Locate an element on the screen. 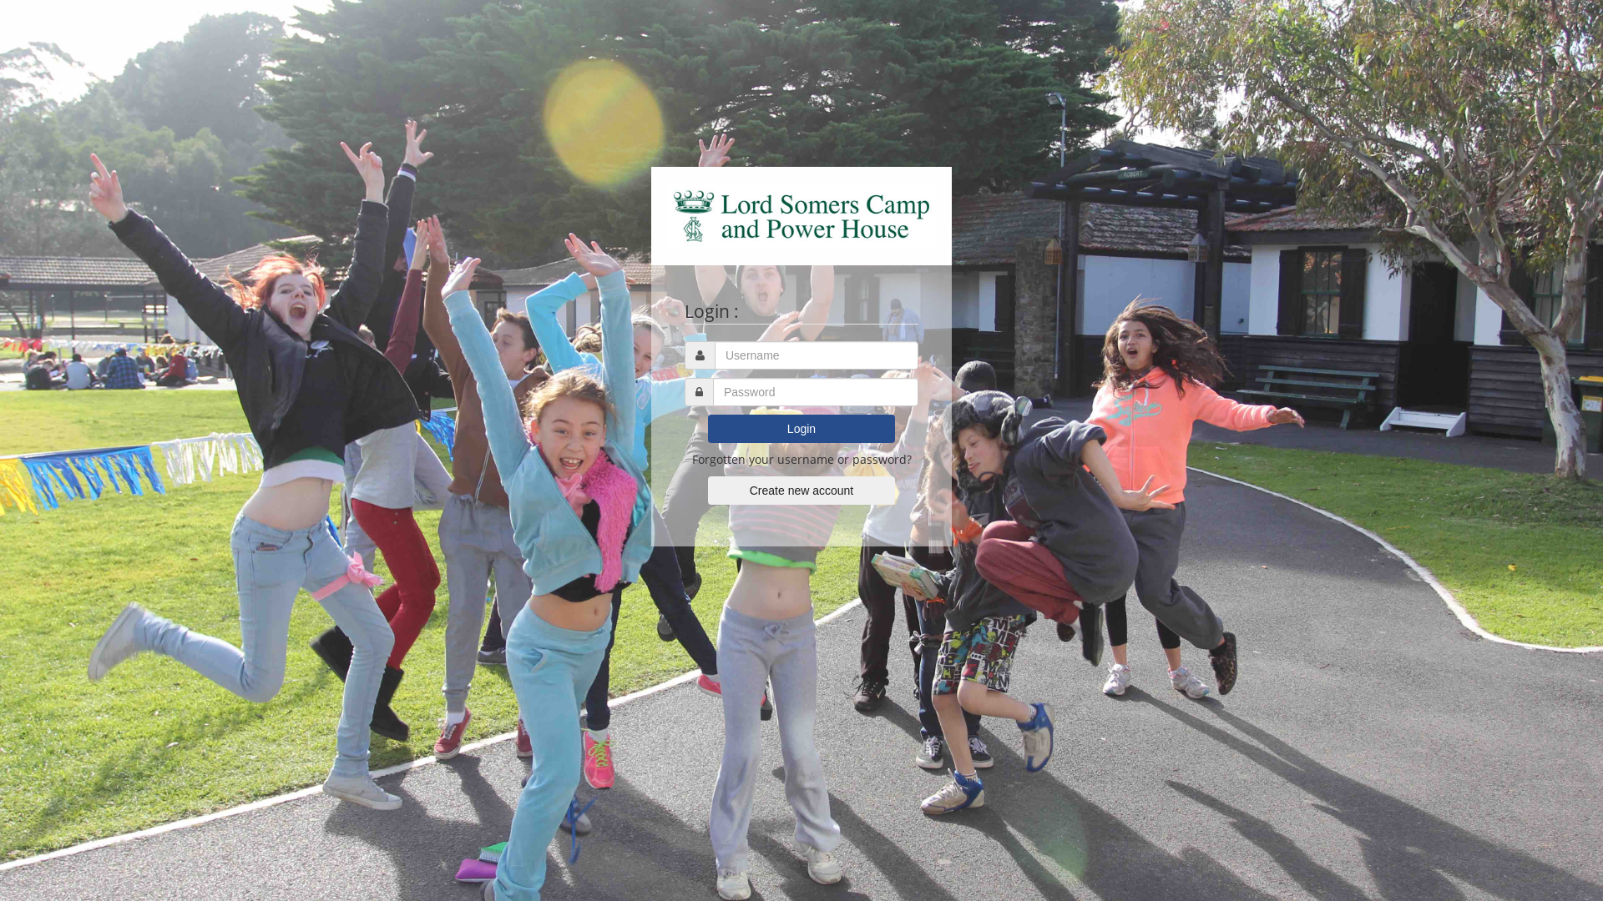  'Forgotten your username or password?' is located at coordinates (800, 459).